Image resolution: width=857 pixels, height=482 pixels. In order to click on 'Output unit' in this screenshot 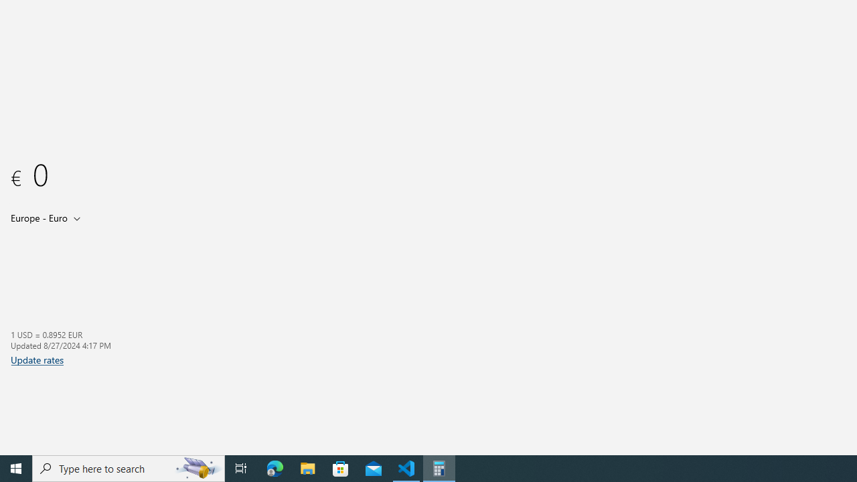, I will do `click(48, 217)`.